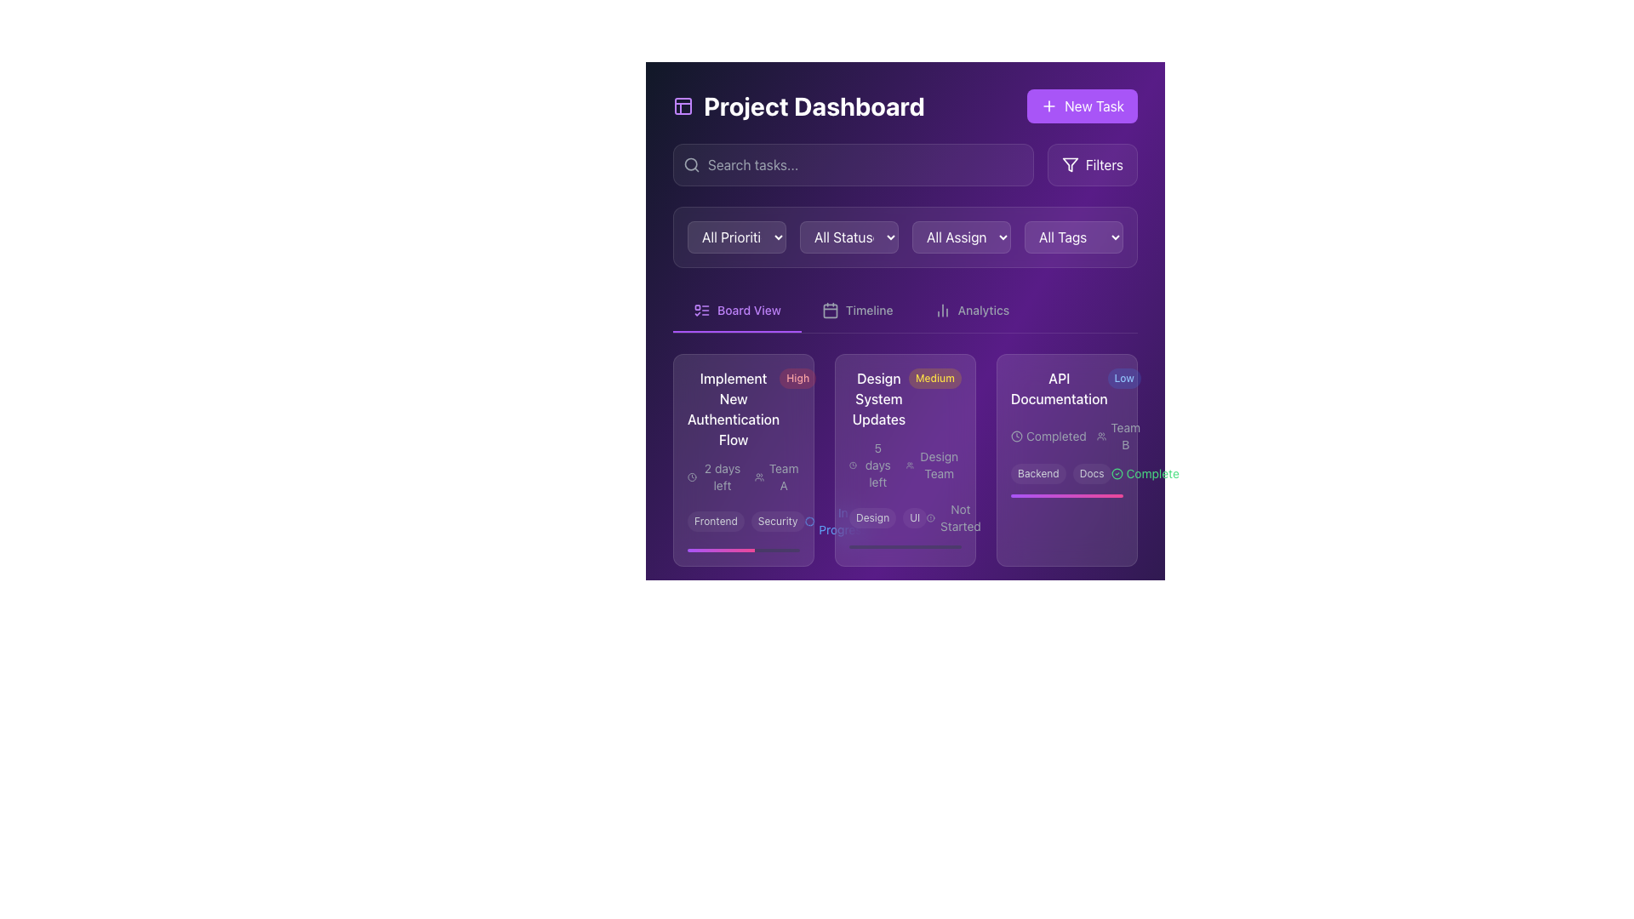 Image resolution: width=1634 pixels, height=919 pixels. I want to click on the Text label that informs users about the number of days left for a task or event, located in the second column under the 'Design System Updates' heading, above the 'Design Team' text, so click(872, 465).